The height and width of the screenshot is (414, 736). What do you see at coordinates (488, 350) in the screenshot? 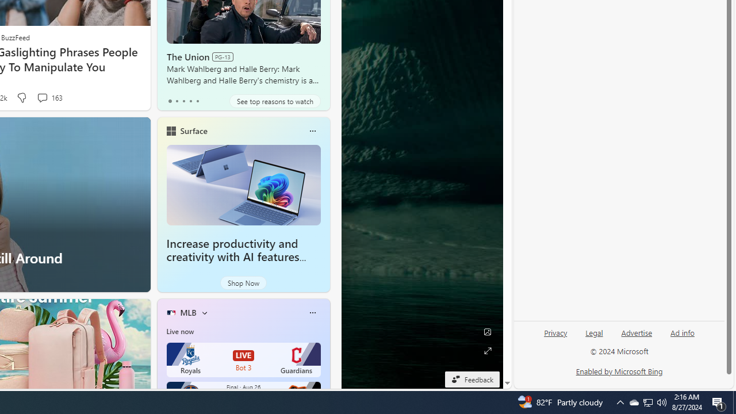
I see `'Expand background'` at bounding box center [488, 350].